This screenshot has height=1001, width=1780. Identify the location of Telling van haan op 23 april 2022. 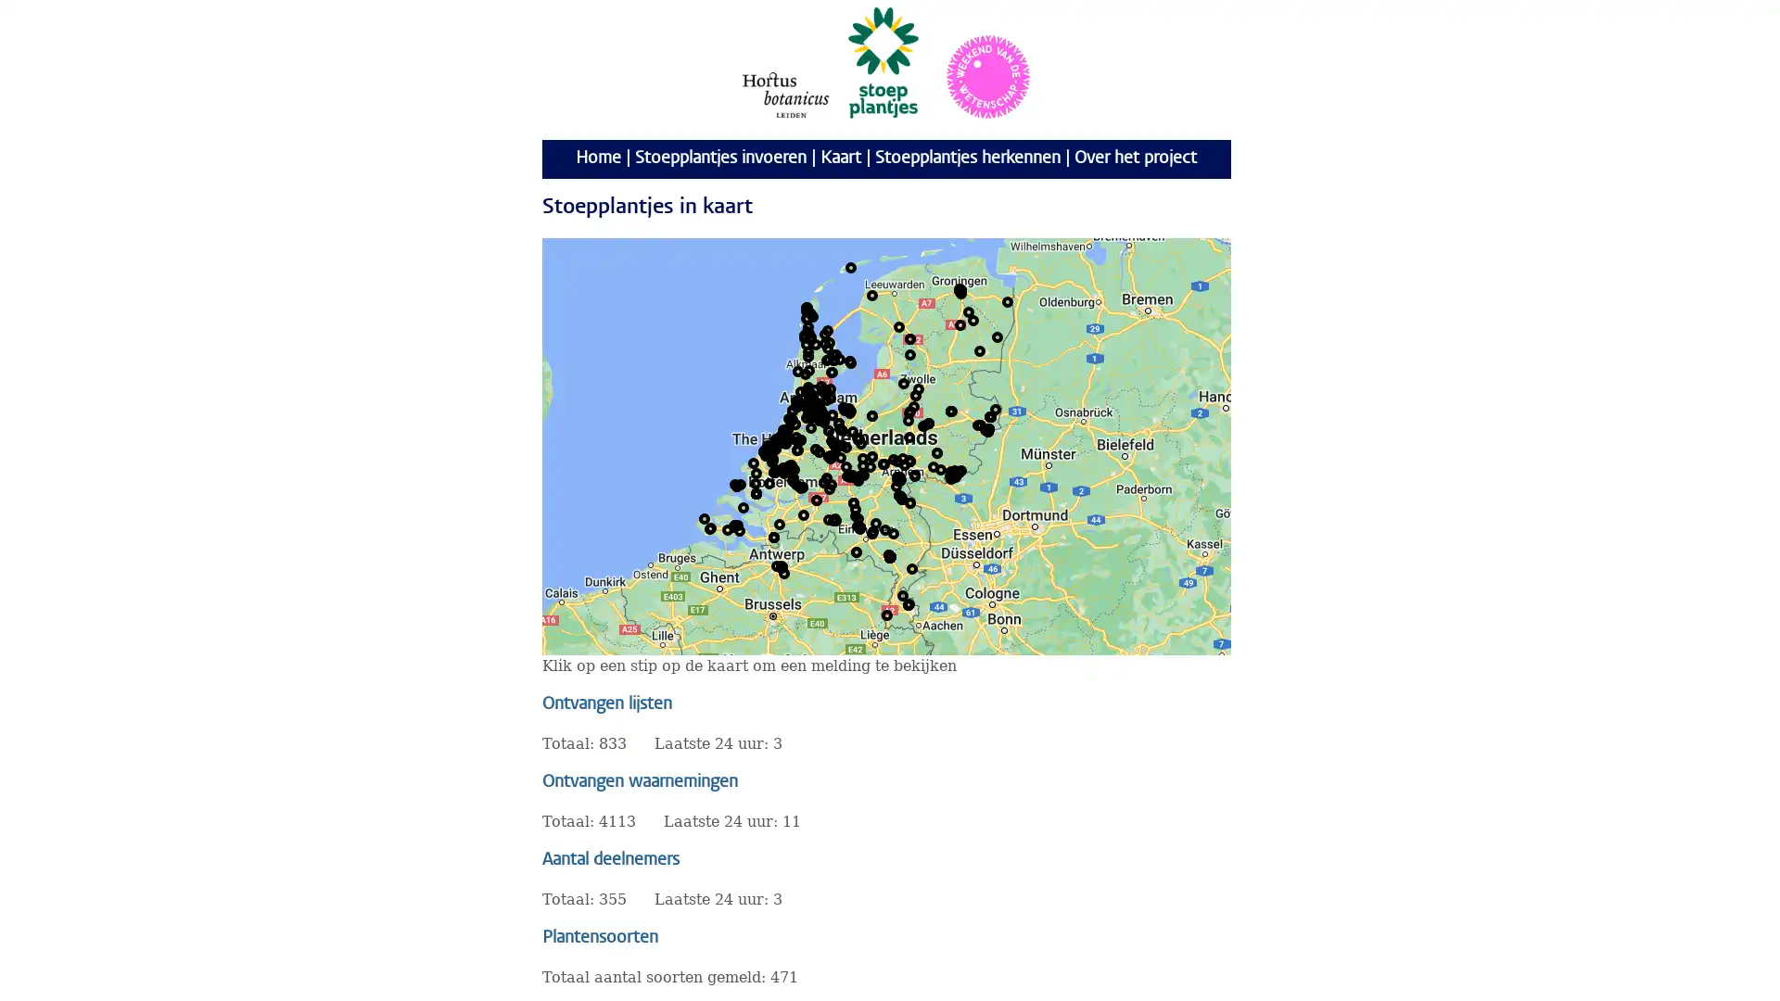
(828, 456).